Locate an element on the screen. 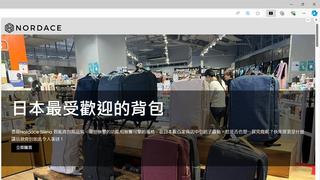  'Settings and more (Alt+F)' is located at coordinates (304, 13).